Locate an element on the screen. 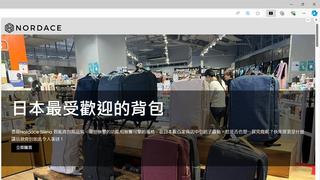  'Settings and more (Alt+F)' is located at coordinates (304, 13).